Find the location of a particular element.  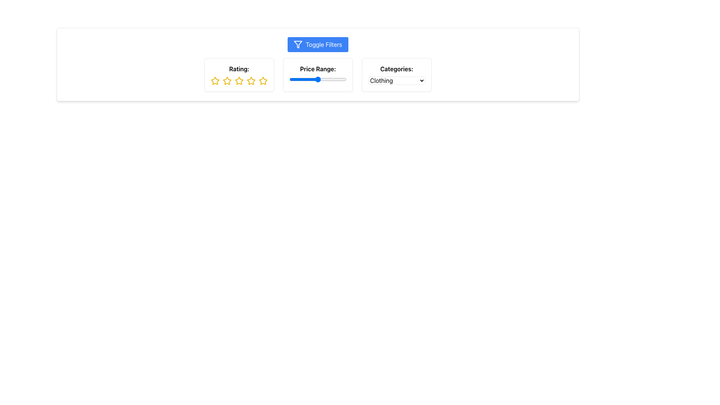

the third star in the row of five stars used for selecting the third level of rating in the rating component below the 'Rating:' label is located at coordinates (239, 81).